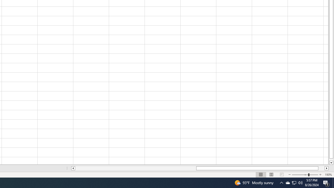 The image size is (334, 188). I want to click on 'Zoom Out', so click(300, 175).